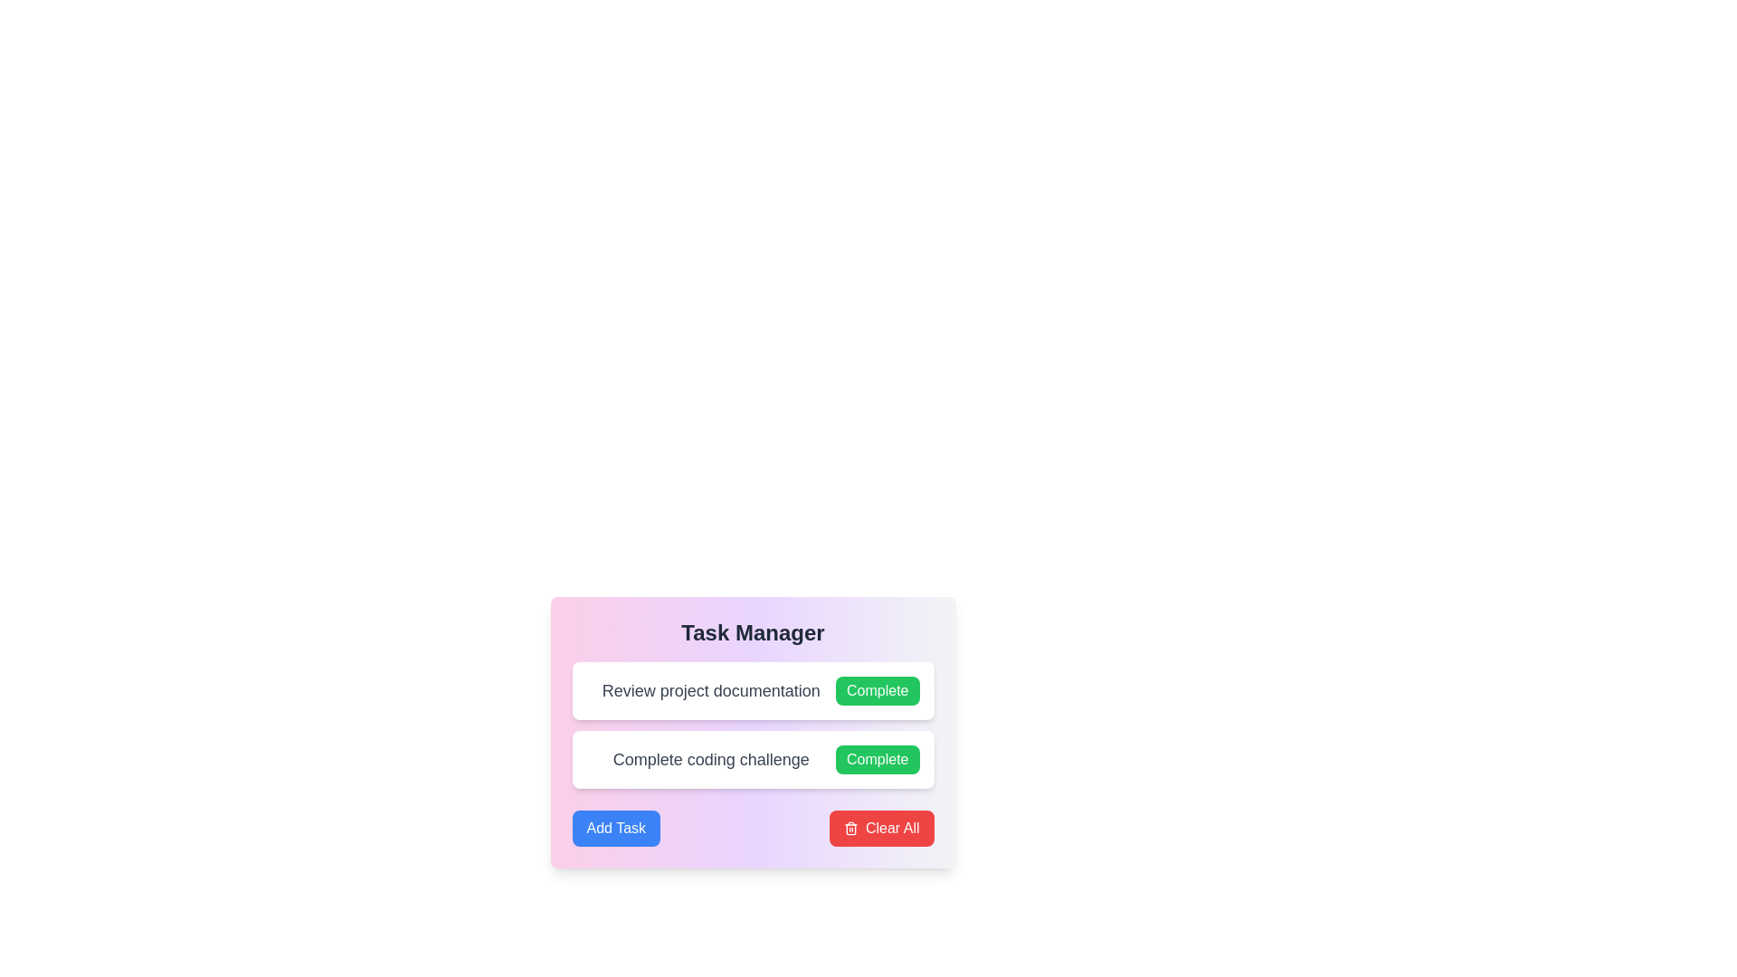 The width and height of the screenshot is (1737, 977). What do you see at coordinates (616, 828) in the screenshot?
I see `the rectangular button with a blue background and 'Add Task' text to change its background color` at bounding box center [616, 828].